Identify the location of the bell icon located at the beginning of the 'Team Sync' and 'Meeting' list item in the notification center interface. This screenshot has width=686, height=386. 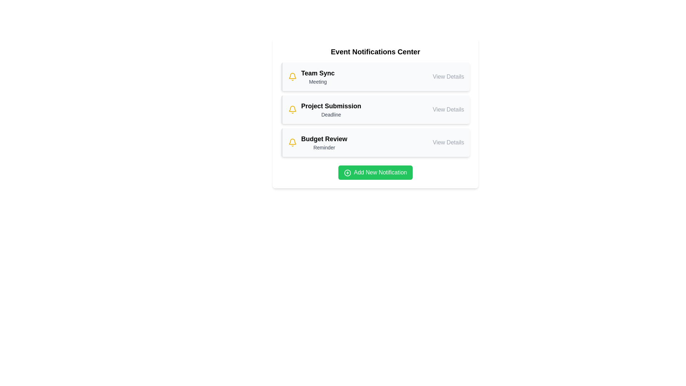
(293, 77).